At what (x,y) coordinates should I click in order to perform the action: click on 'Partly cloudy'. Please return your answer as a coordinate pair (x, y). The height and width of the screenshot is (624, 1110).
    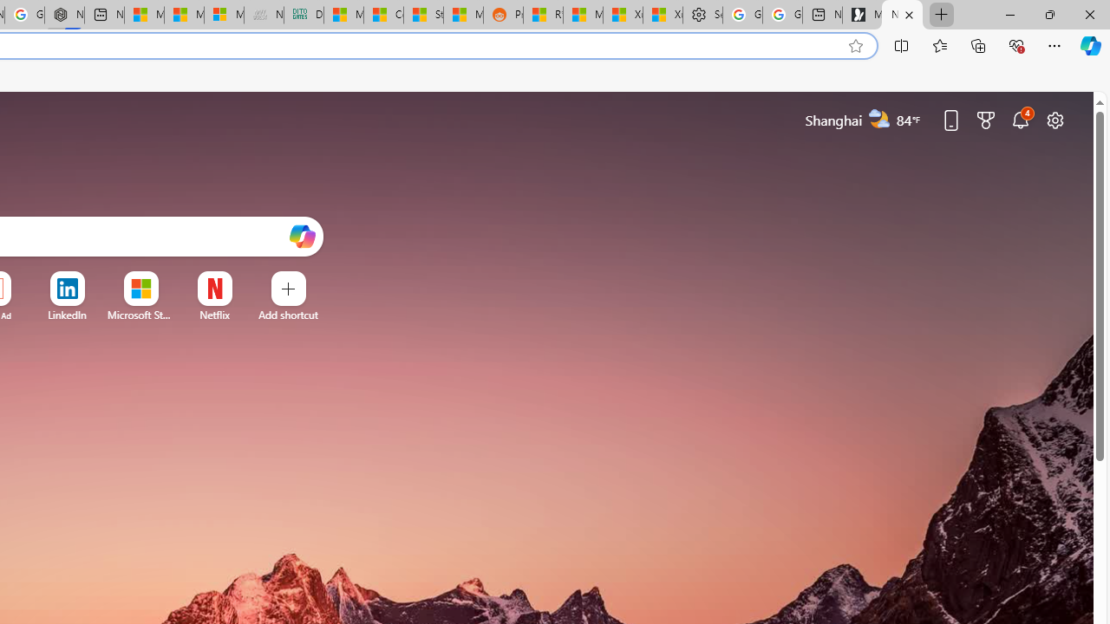
    Looking at the image, I should click on (879, 118).